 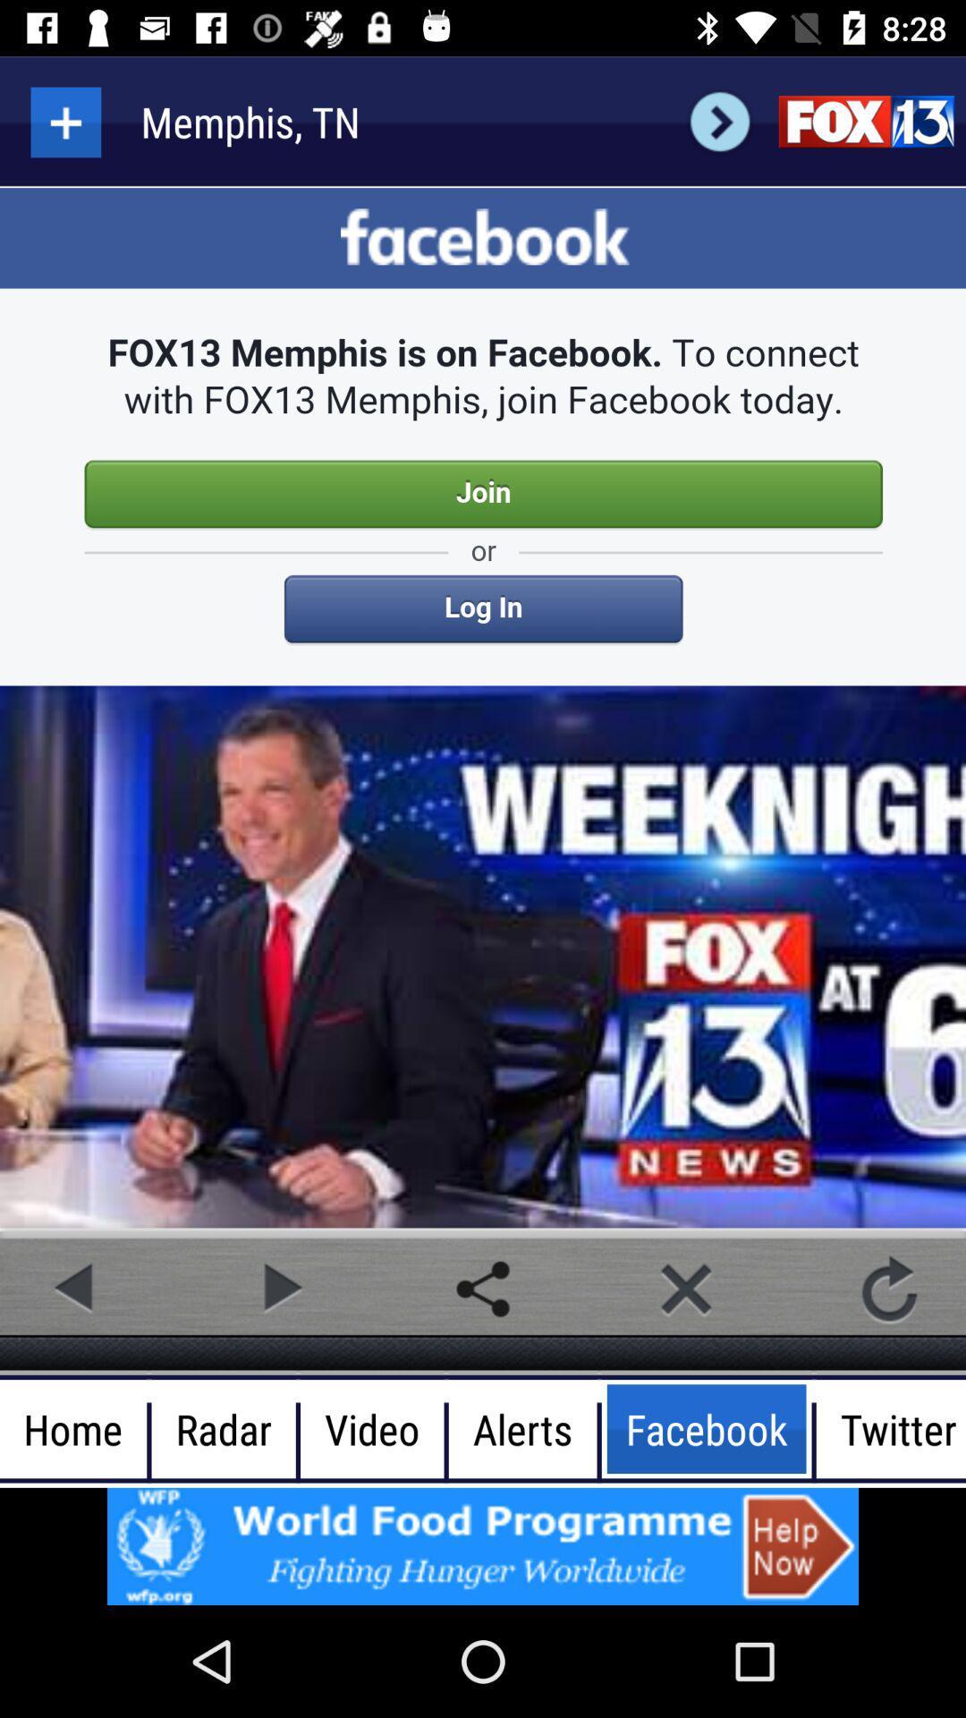 I want to click on the arrow_forward icon, so click(x=719, y=121).